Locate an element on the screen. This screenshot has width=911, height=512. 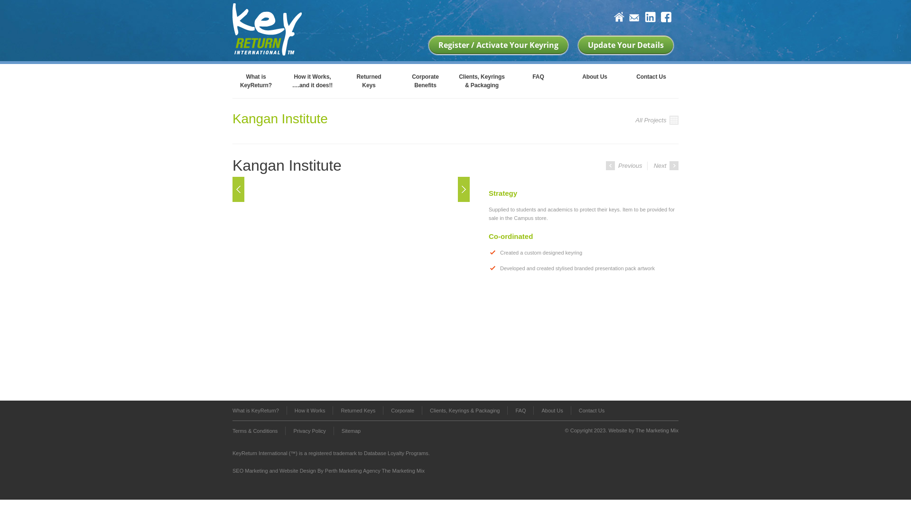
'Clients, Keyrings & Packaging' is located at coordinates (465, 410).